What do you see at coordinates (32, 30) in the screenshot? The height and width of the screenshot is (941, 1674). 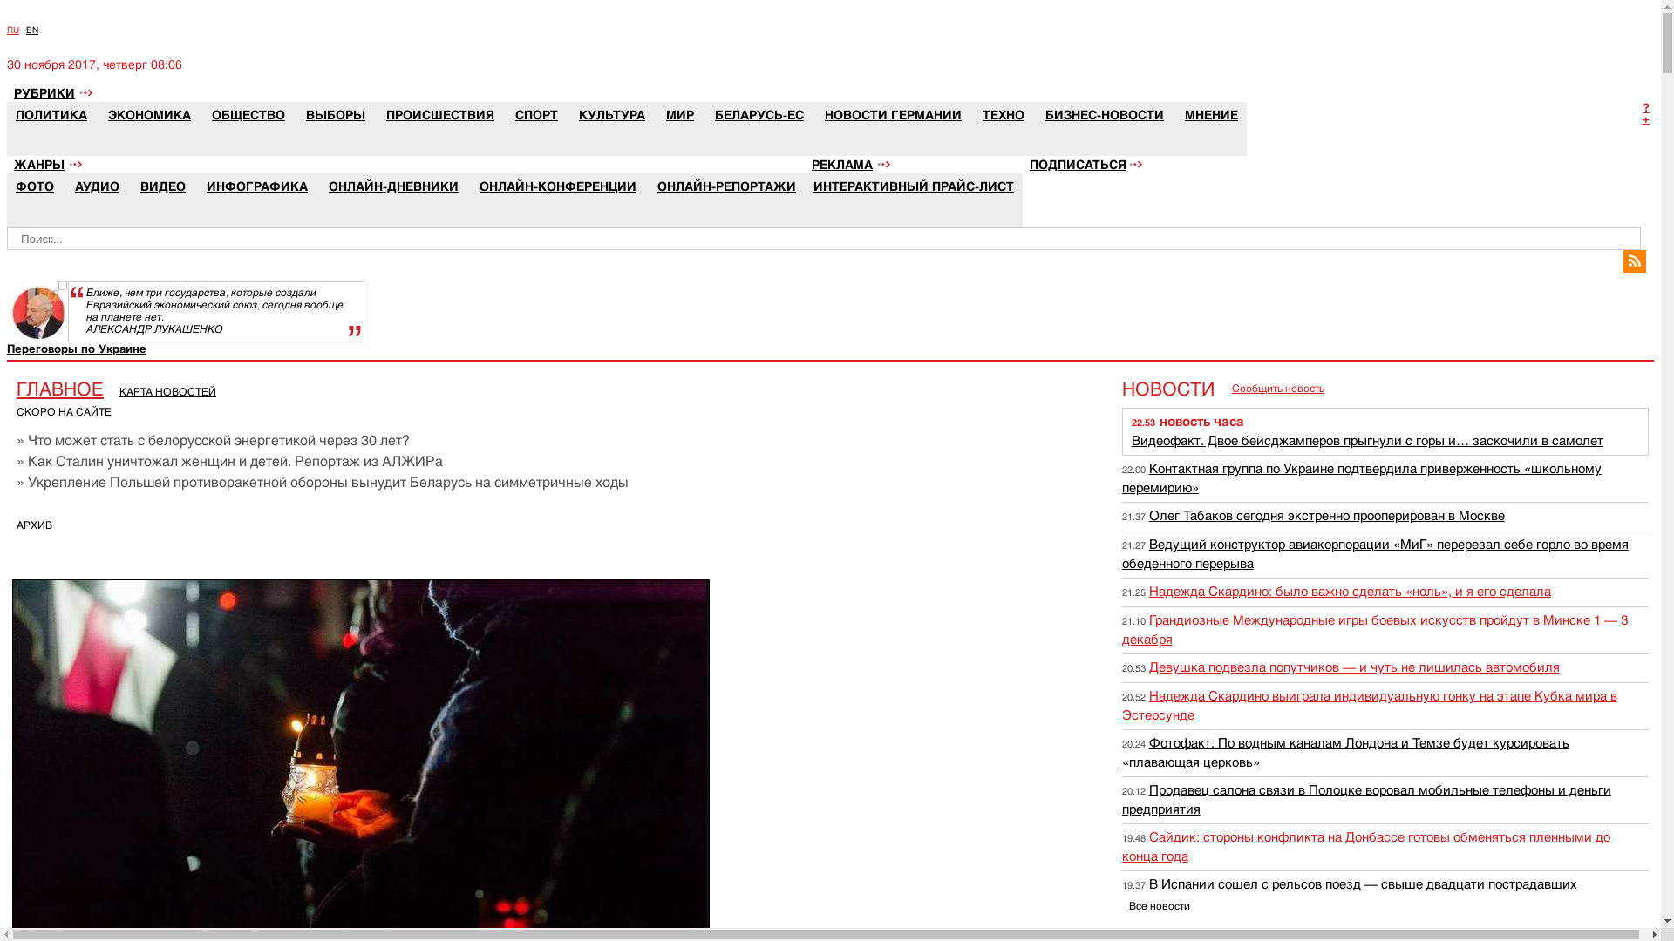 I see `'EN'` at bounding box center [32, 30].